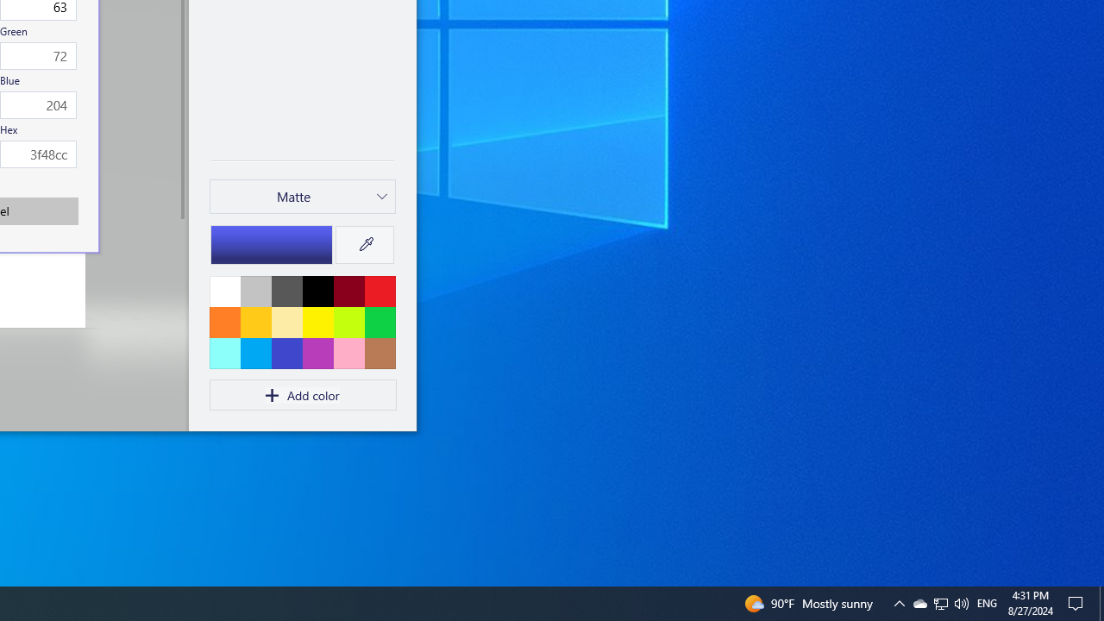 Image resolution: width=1104 pixels, height=621 pixels. I want to click on 'User Promoted Notification Area', so click(960, 602).